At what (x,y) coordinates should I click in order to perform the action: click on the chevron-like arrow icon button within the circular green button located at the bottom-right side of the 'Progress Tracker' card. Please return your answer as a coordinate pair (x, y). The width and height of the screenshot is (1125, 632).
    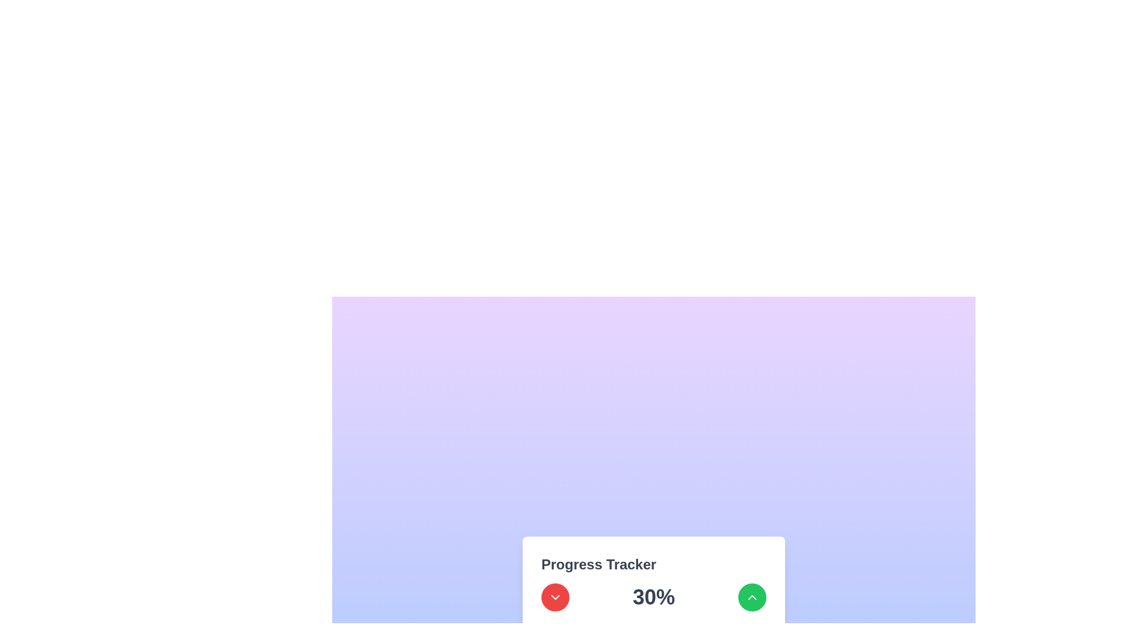
    Looking at the image, I should click on (752, 597).